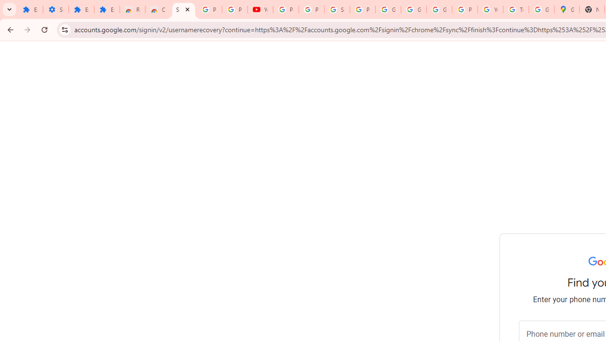 This screenshot has width=606, height=341. Describe the element at coordinates (132, 9) in the screenshot. I see `'Reviews: Helix Fruit Jump Arcade Game'` at that location.